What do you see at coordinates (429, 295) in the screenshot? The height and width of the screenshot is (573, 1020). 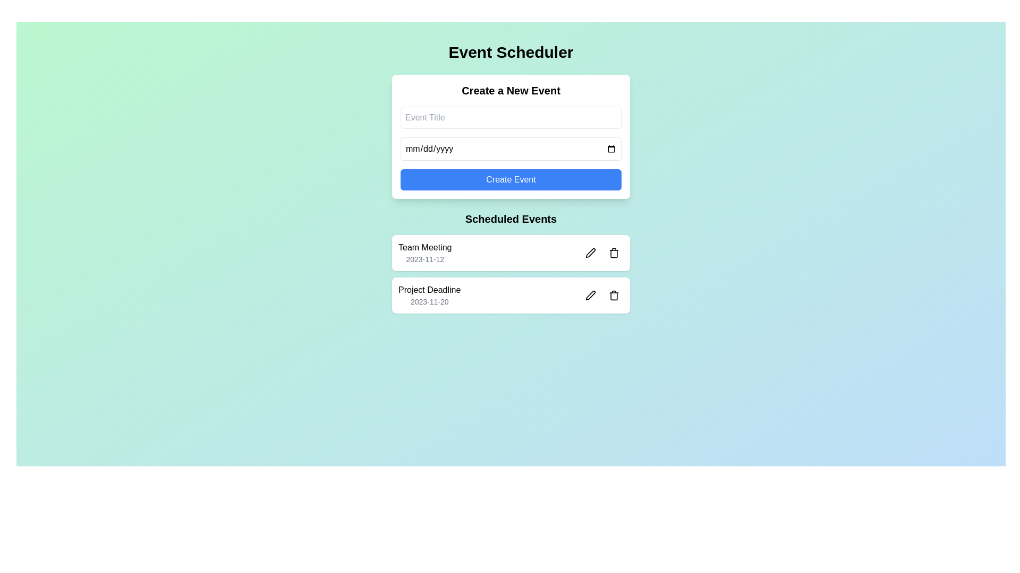 I see `the 'Project Deadline' text label with date information located in the 'Scheduled Events' section, specifically beneath the 'Team Meeting' entry` at bounding box center [429, 295].